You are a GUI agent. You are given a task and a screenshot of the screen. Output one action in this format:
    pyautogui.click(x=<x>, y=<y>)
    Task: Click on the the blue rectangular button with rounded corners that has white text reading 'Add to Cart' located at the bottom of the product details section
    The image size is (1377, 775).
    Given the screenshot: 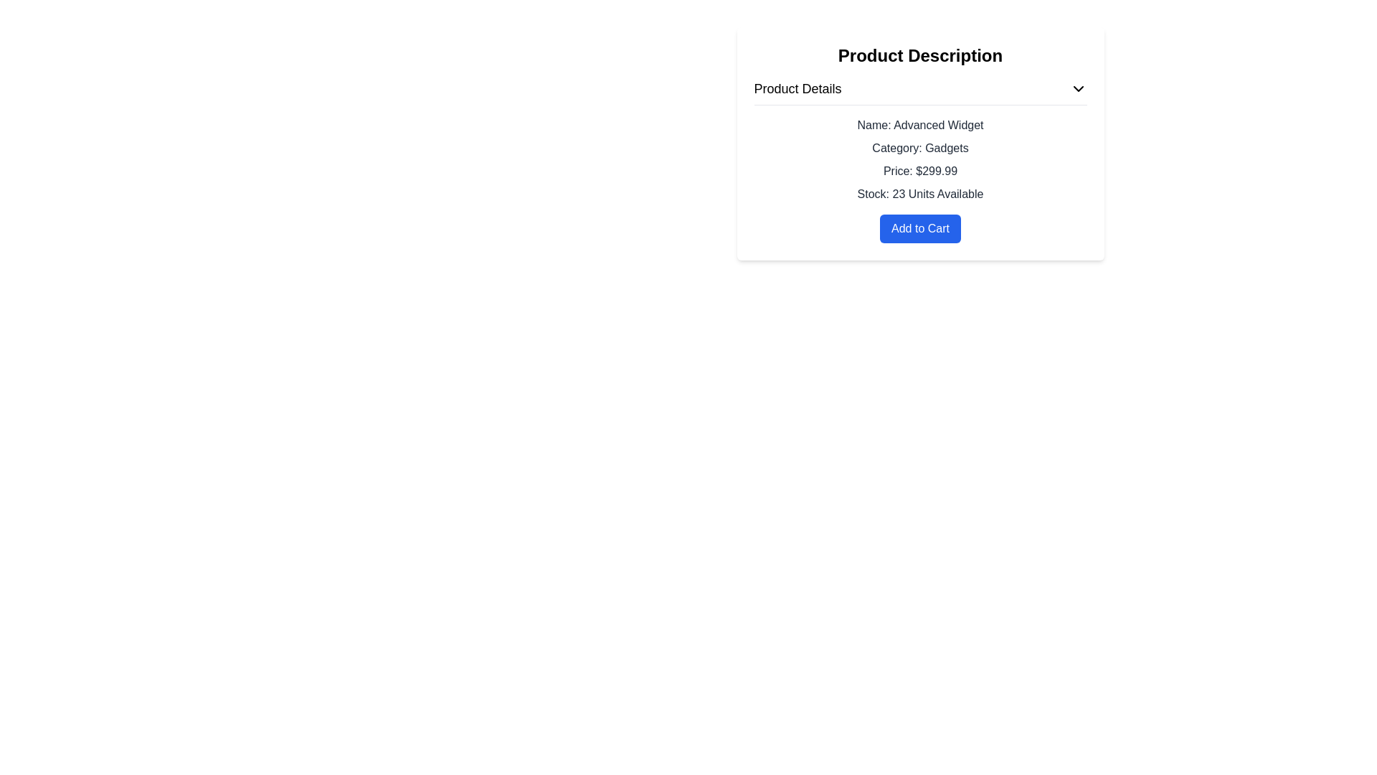 What is the action you would take?
    pyautogui.click(x=920, y=228)
    